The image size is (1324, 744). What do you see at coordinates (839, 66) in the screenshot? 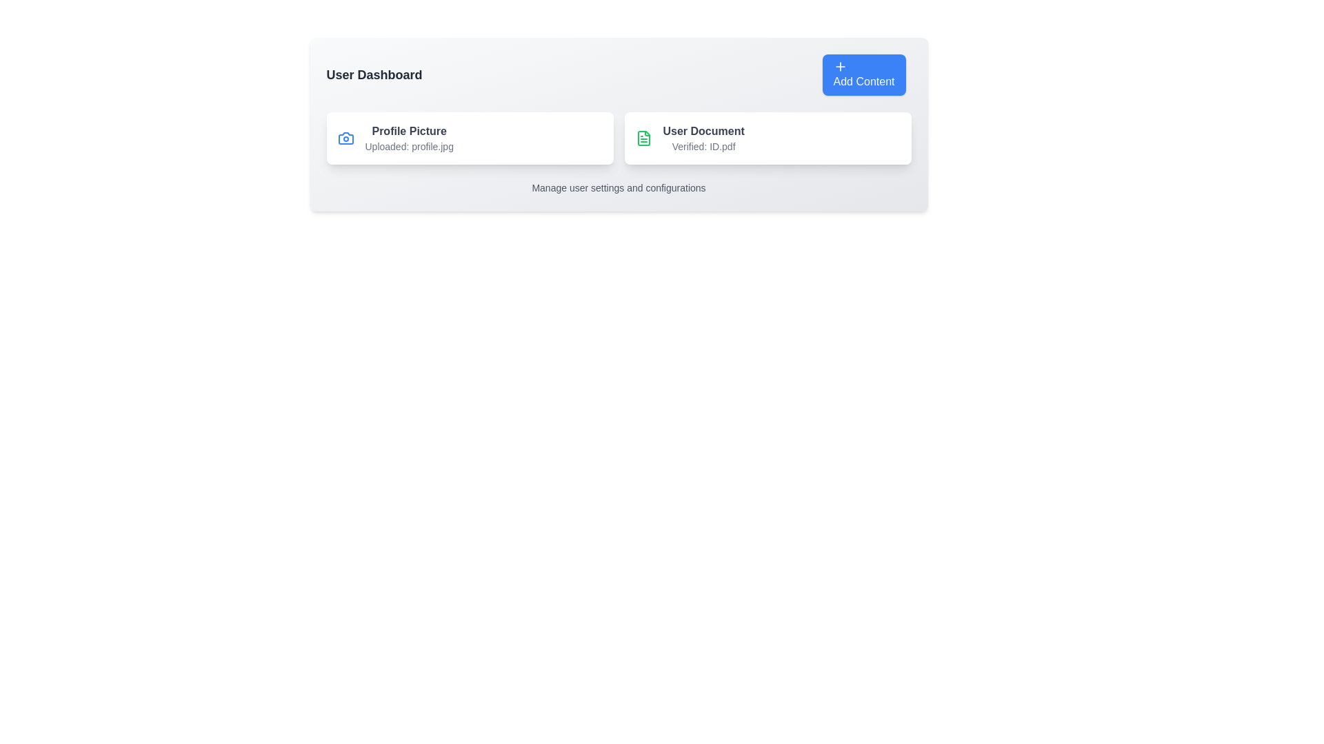
I see `the plus icon within the 'Add Content' button, which is styled with a blue background and white text, located in the top right corner of the interface` at bounding box center [839, 66].